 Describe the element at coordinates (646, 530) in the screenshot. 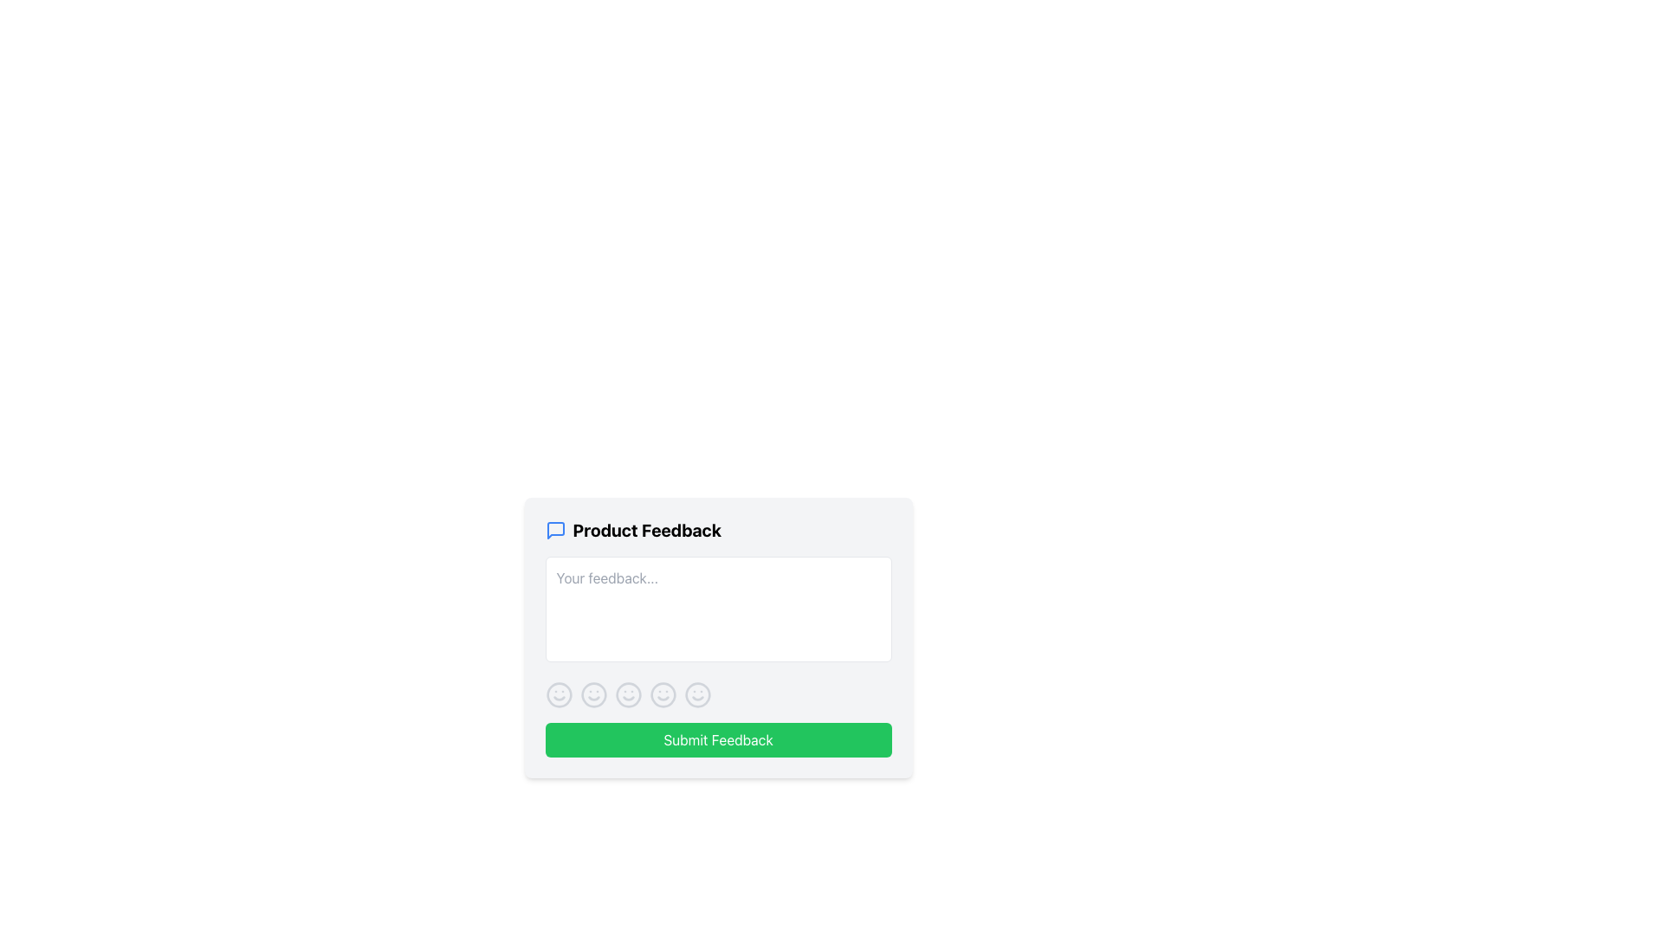

I see `text from the header of the feedback section, which is a title indicating its purpose and guiding the user to enter feedback. This title is located at the top of the feedback form section, to the right of a message square icon` at that location.